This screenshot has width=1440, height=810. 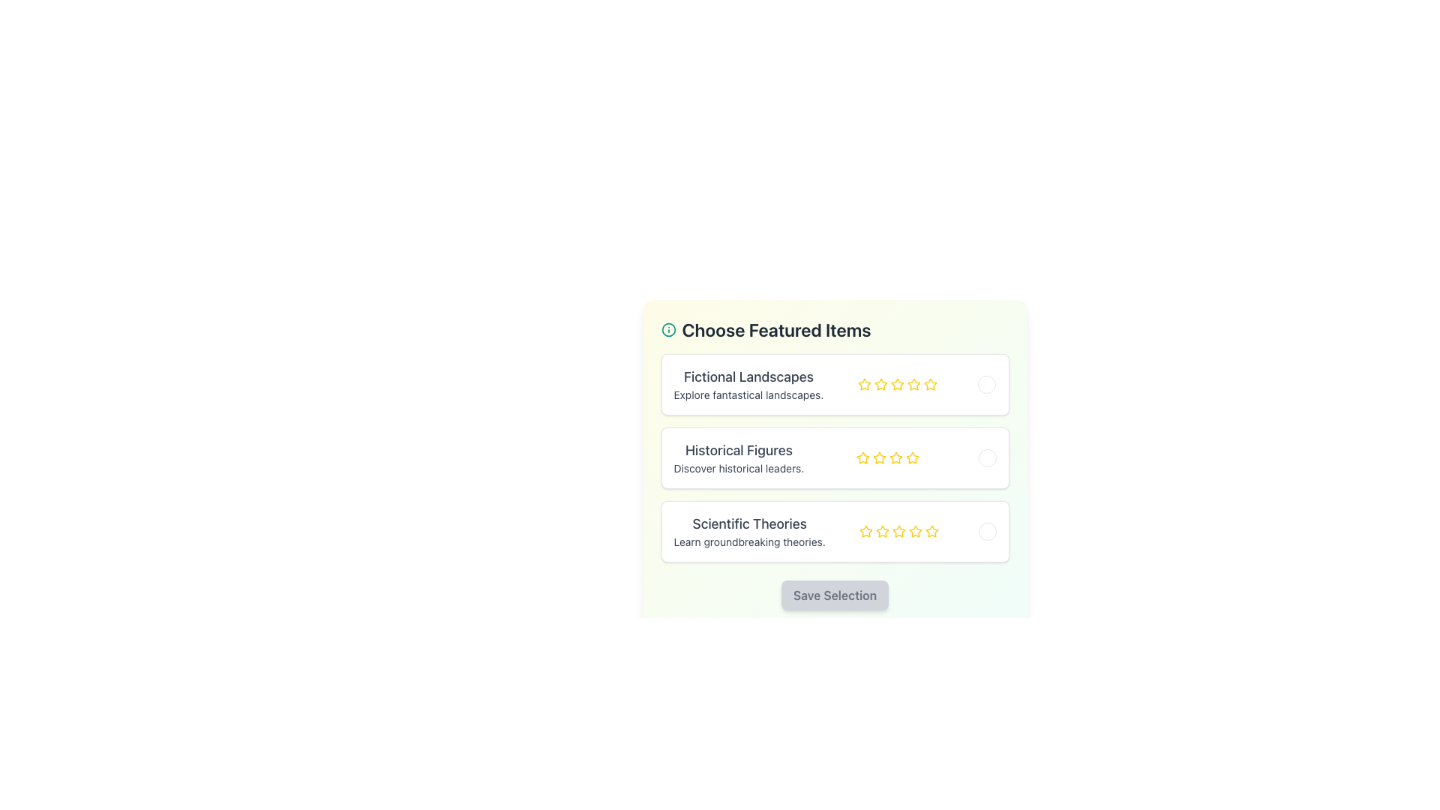 What do you see at coordinates (888, 457) in the screenshot?
I see `the yellow outlined star in the Rating stars section for 'Historical Figures'` at bounding box center [888, 457].